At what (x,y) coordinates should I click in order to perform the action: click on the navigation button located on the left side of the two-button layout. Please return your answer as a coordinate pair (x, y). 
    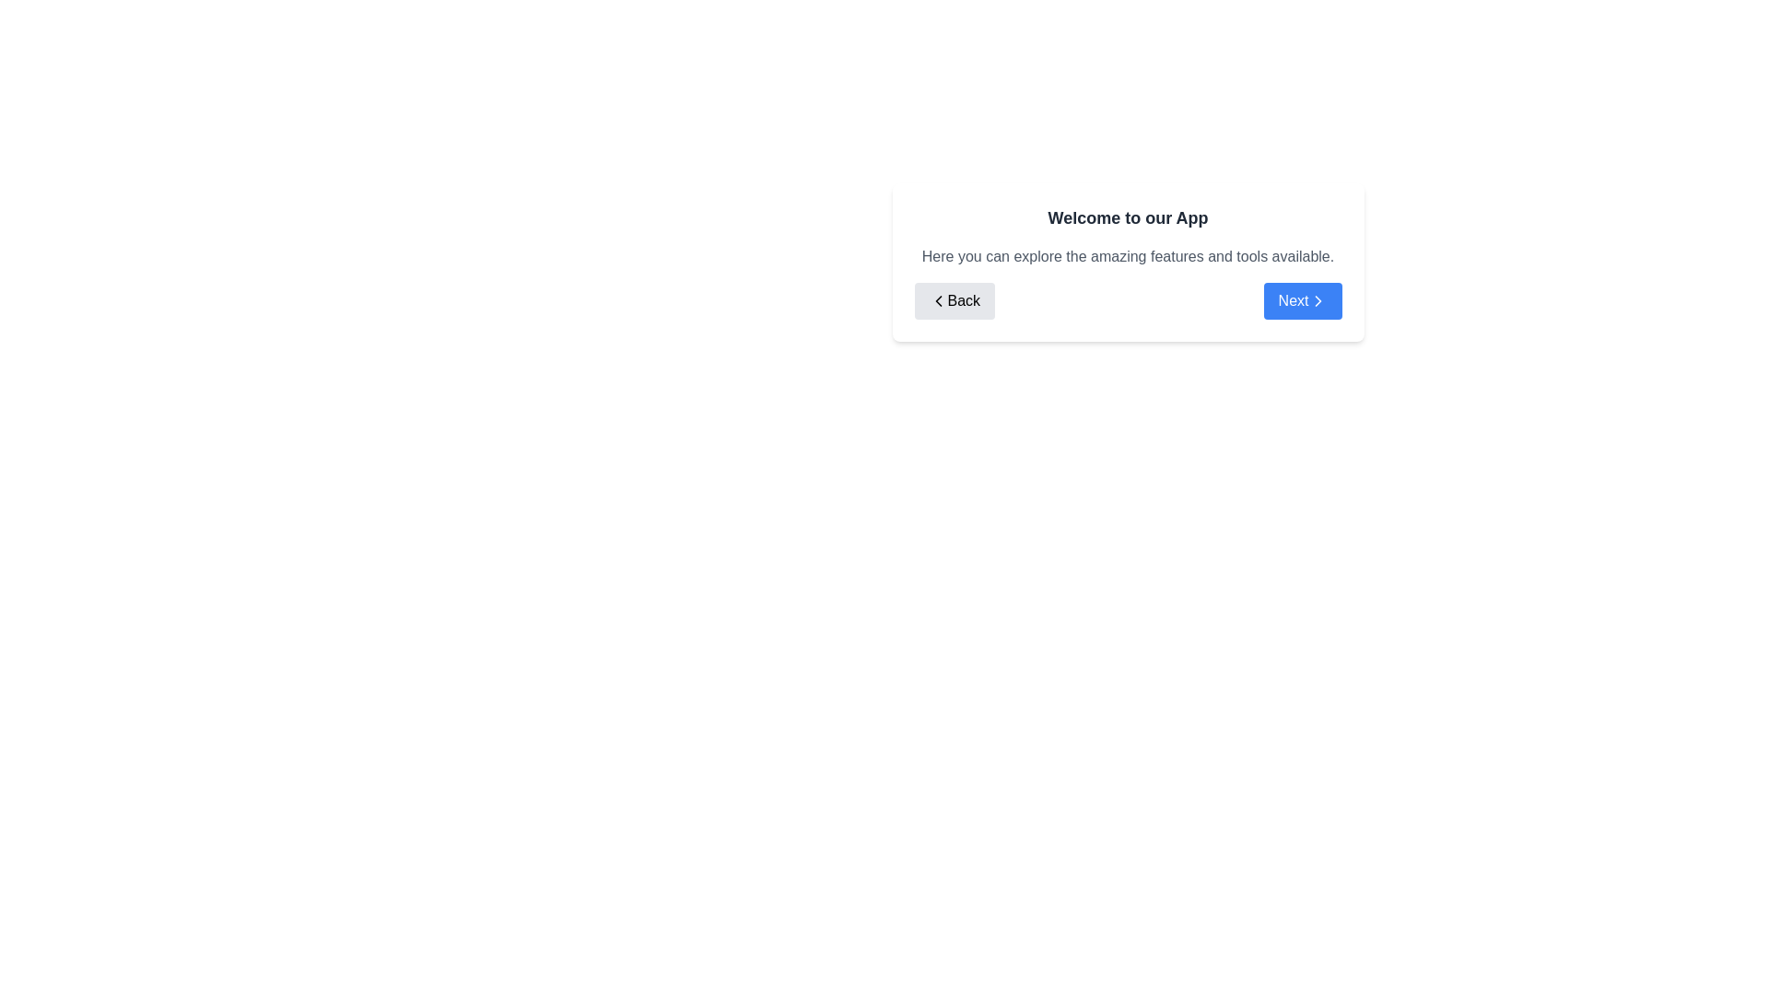
    Looking at the image, I should click on (955, 300).